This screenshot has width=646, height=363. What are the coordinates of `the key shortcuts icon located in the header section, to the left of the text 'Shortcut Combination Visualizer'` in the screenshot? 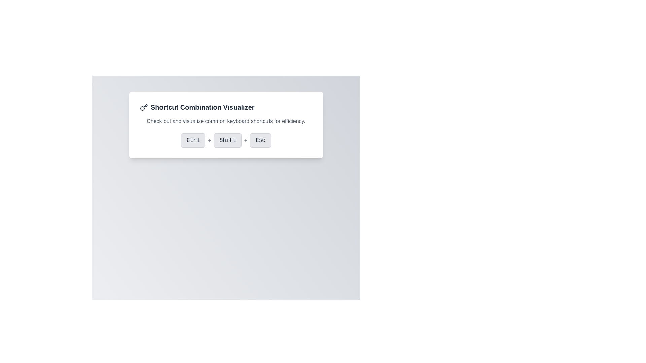 It's located at (143, 107).